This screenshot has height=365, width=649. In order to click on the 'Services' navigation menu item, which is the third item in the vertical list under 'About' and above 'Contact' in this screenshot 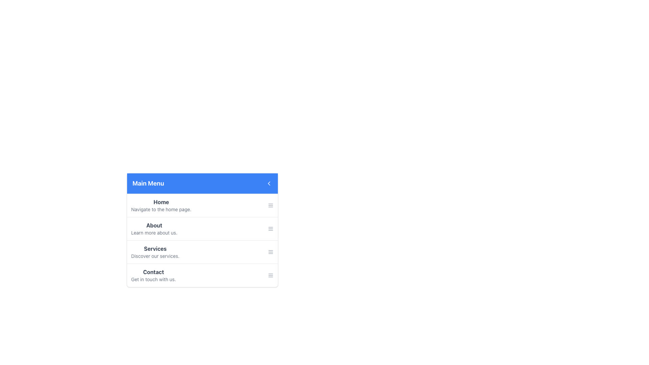, I will do `click(202, 249)`.